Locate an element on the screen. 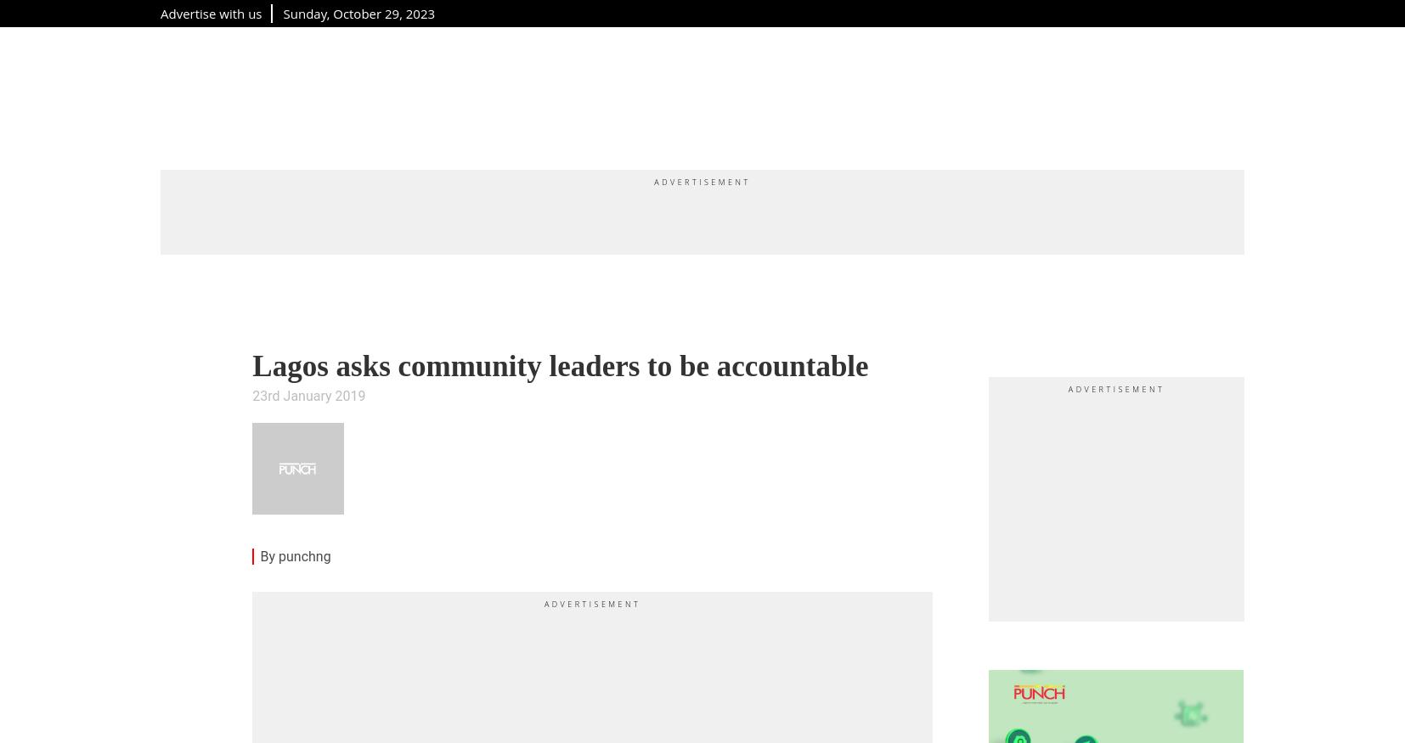 This screenshot has width=1405, height=743. 'Breaking News:' is located at coordinates (251, 709).